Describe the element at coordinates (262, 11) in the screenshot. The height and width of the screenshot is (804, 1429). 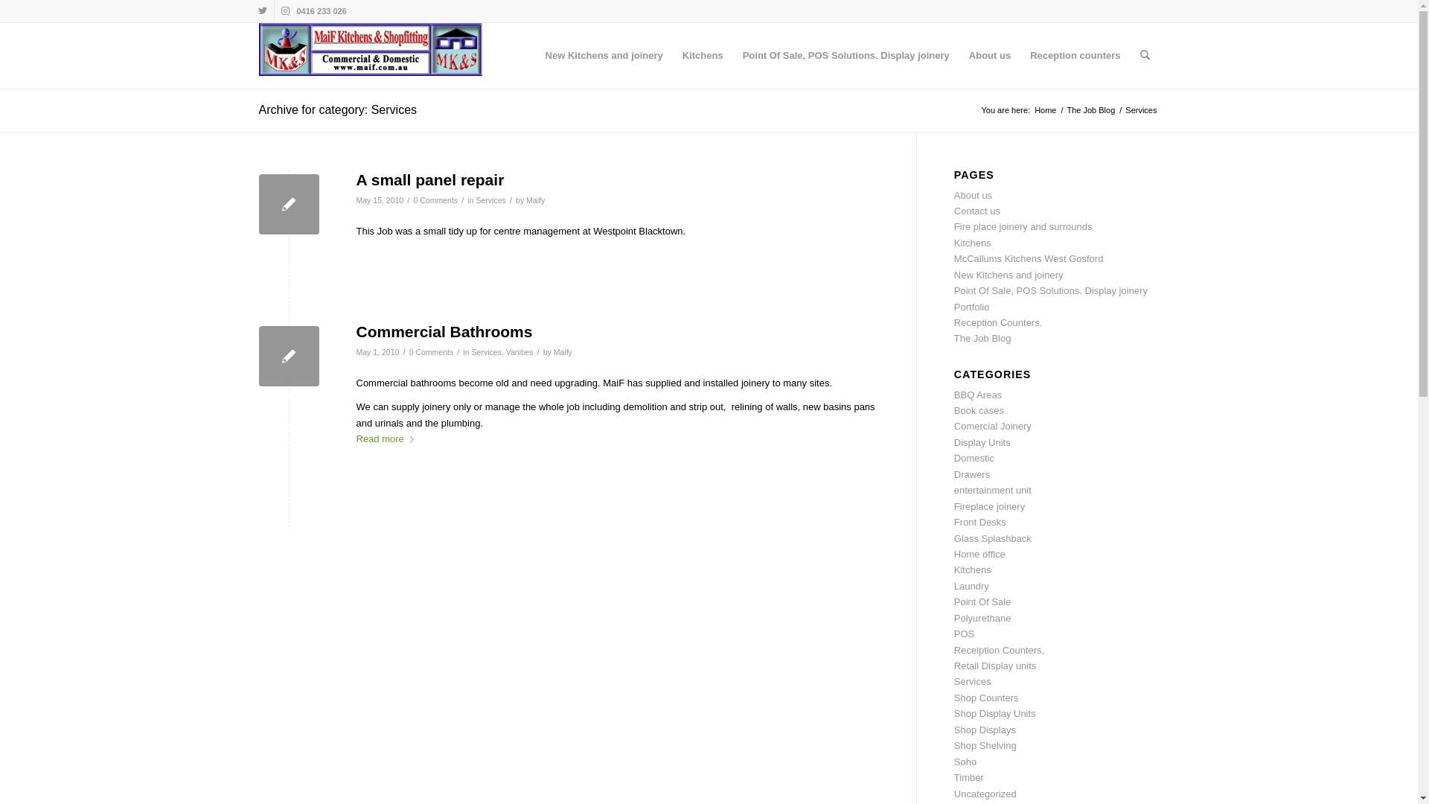
I see `'Twitter'` at that location.